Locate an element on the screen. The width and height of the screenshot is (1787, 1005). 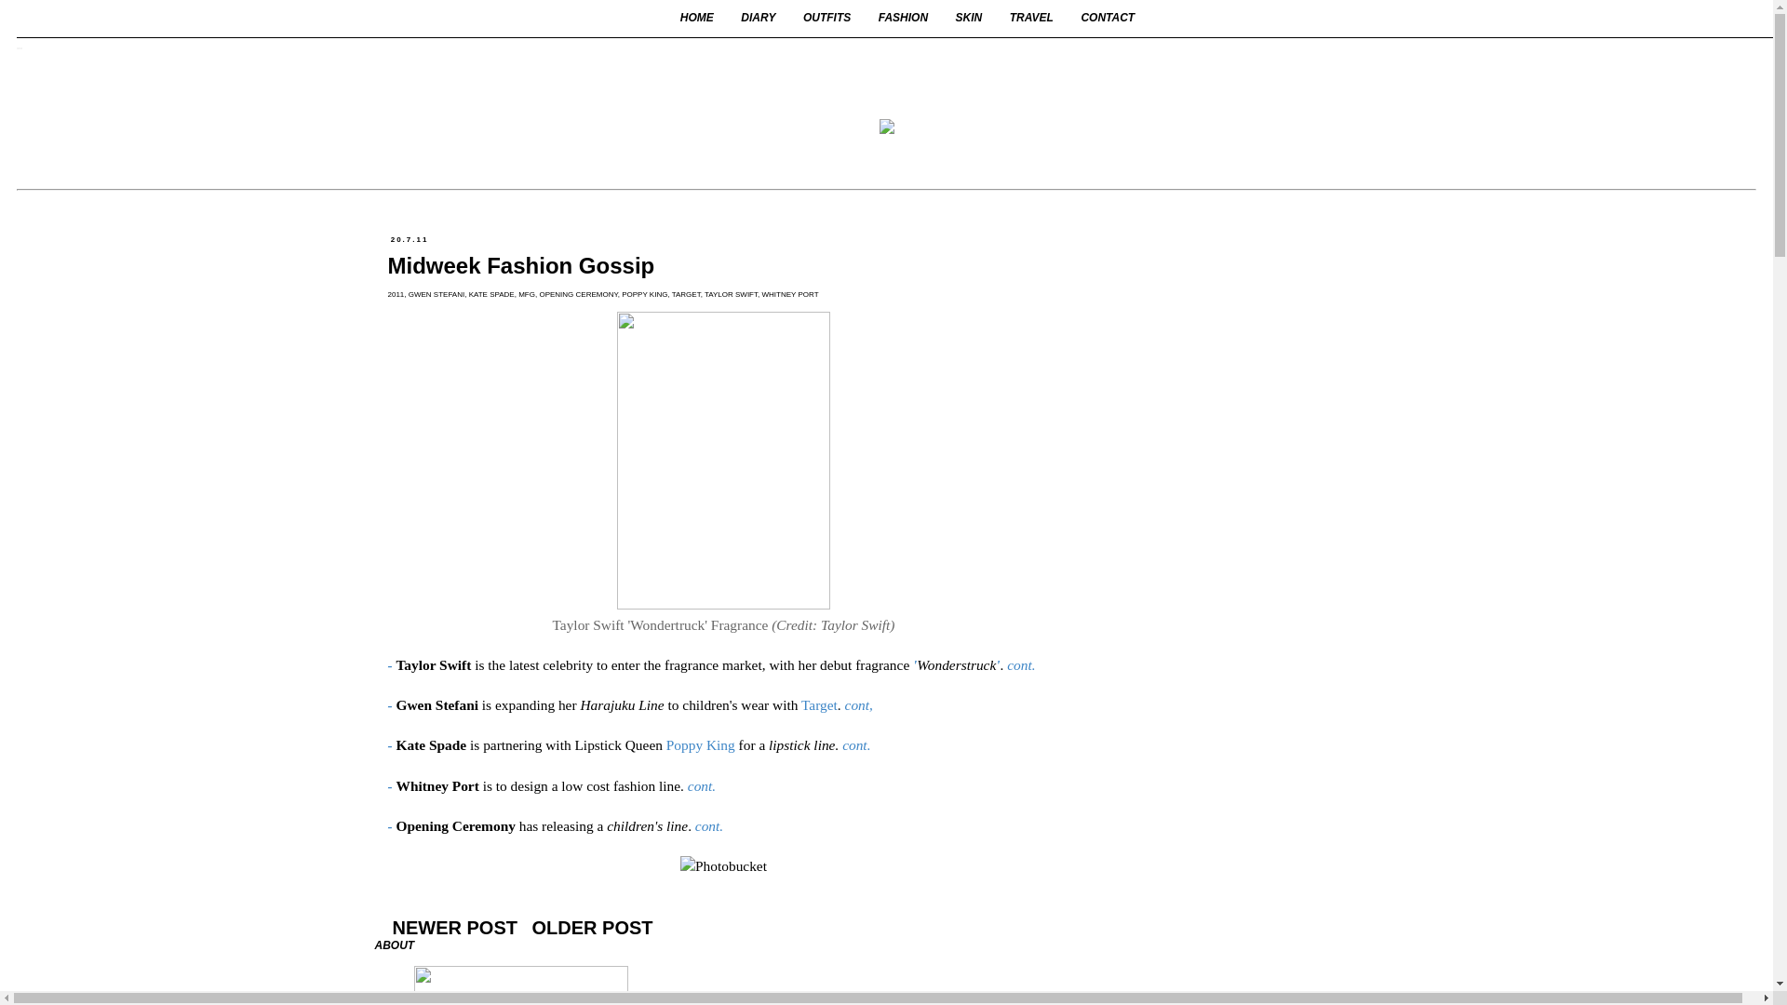
'MFG' is located at coordinates (517, 293).